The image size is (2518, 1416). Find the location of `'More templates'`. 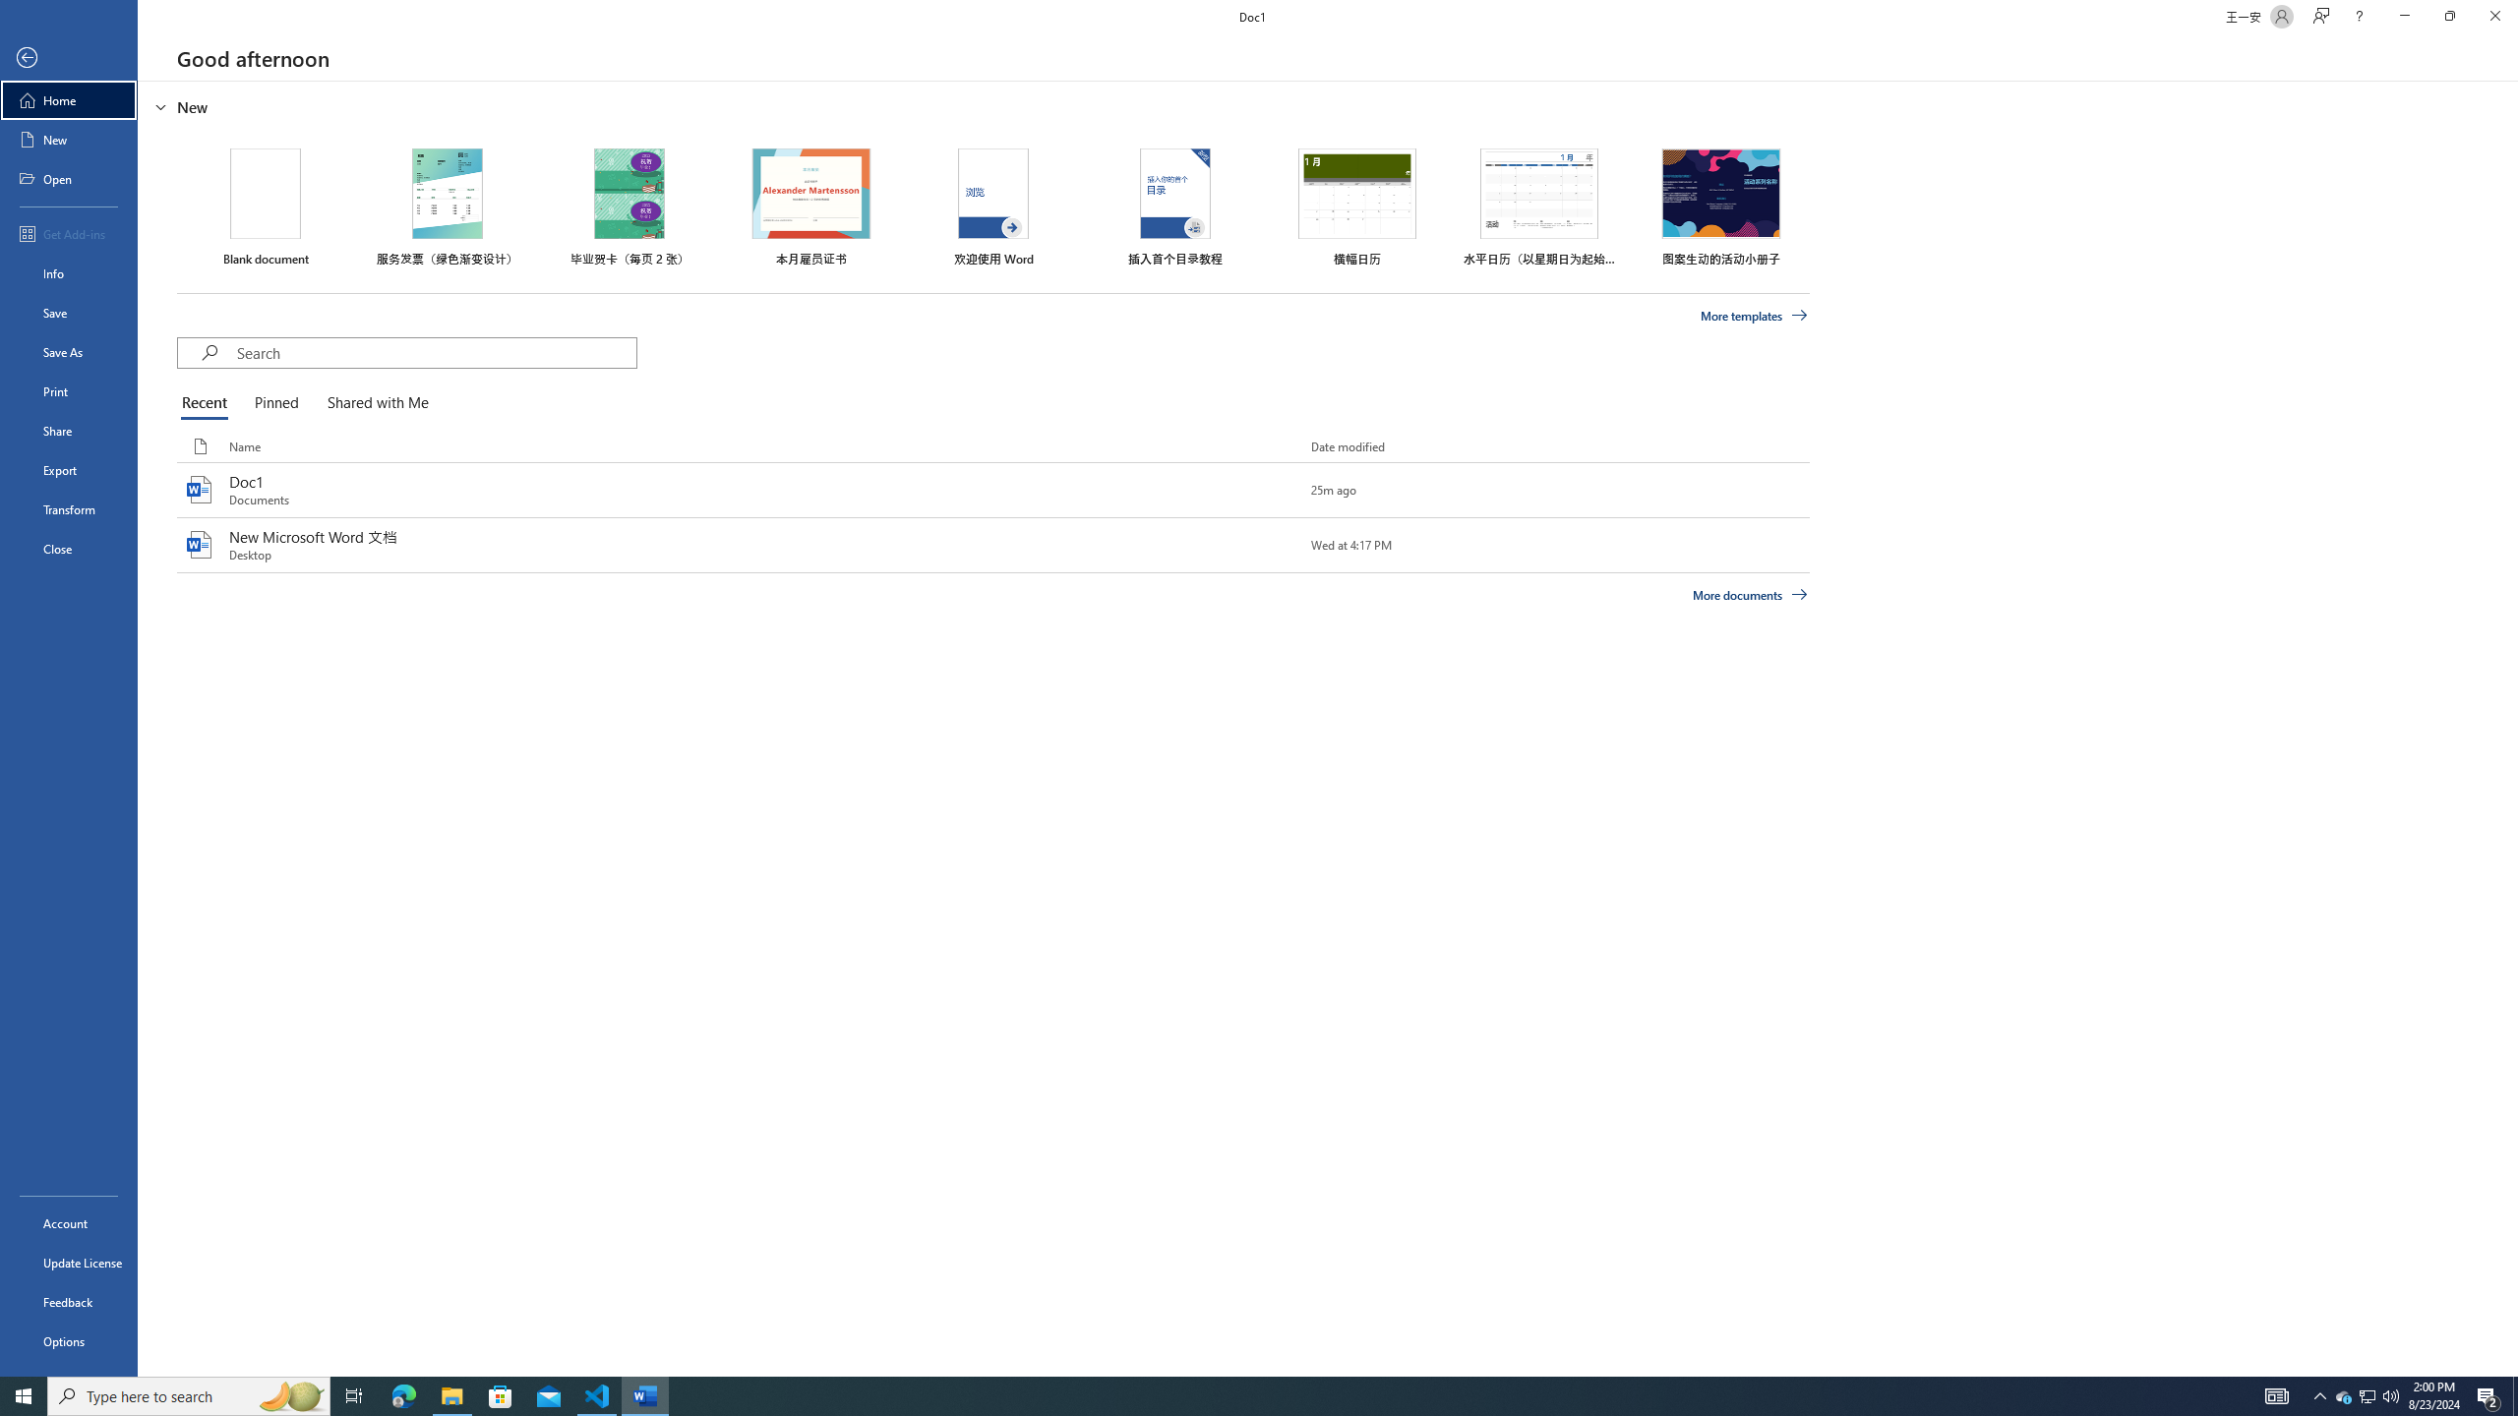

'More templates' is located at coordinates (1755, 316).